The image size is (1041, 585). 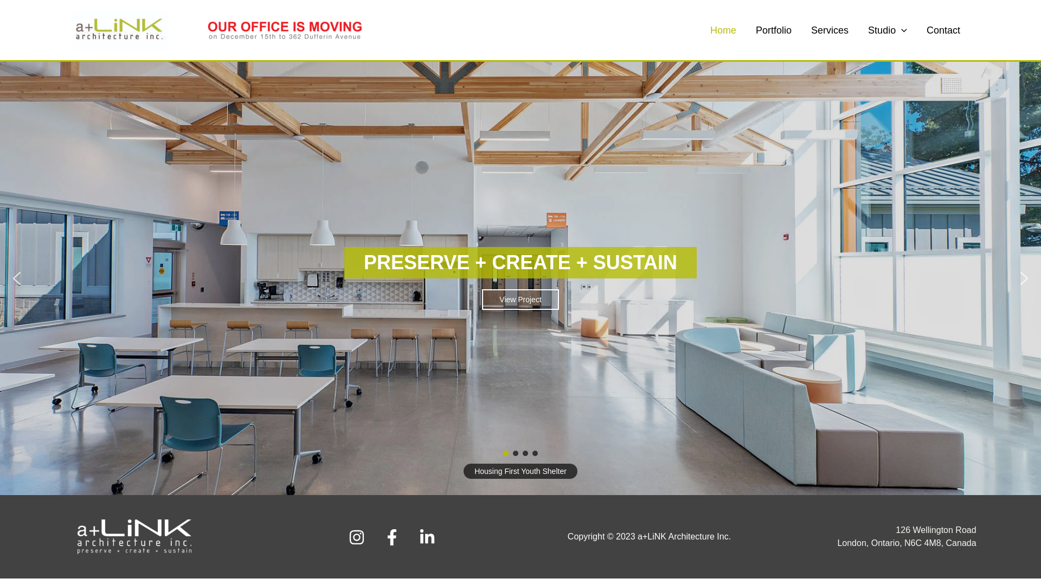 What do you see at coordinates (887, 29) in the screenshot?
I see `'Studio'` at bounding box center [887, 29].